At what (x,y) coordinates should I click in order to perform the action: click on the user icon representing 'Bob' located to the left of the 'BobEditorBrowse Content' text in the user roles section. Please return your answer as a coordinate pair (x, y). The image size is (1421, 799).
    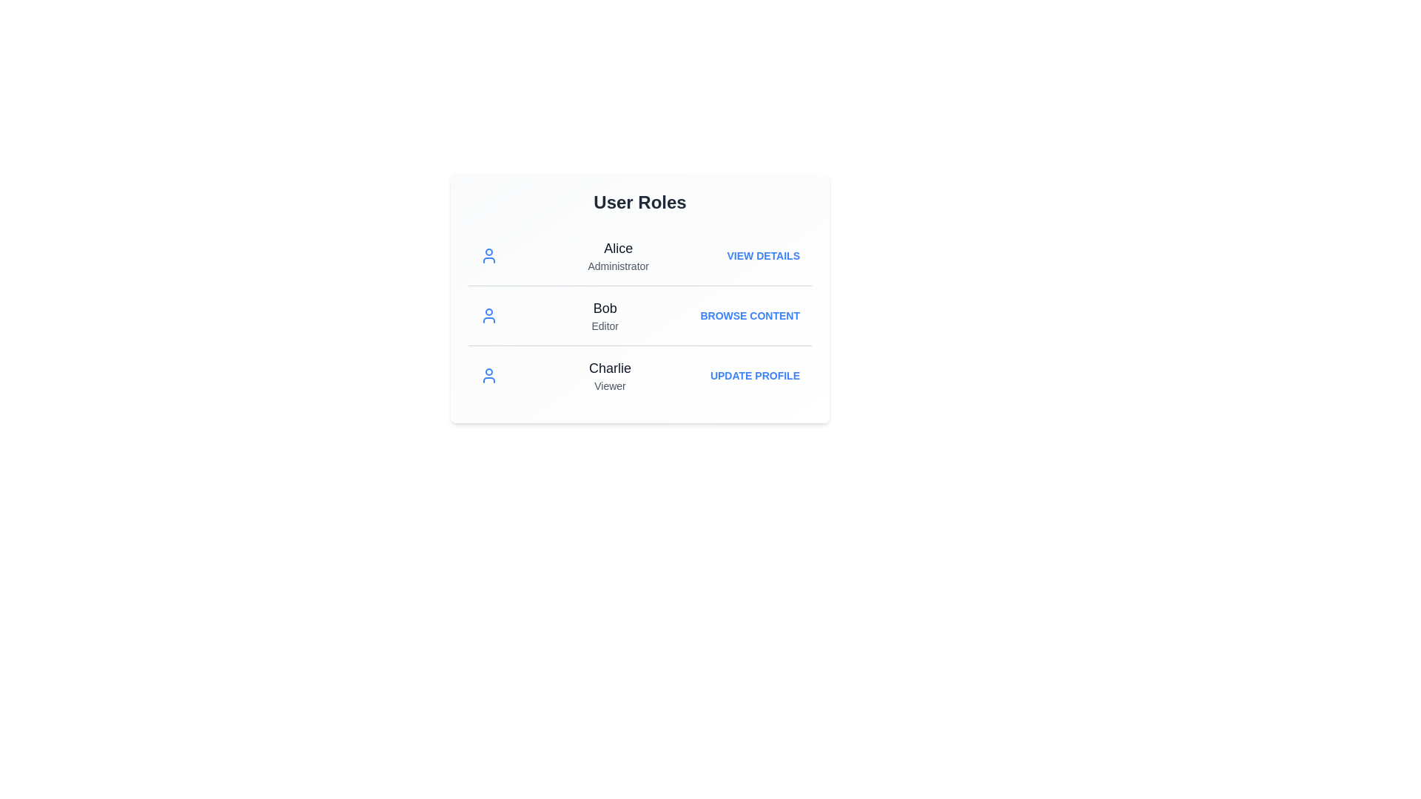
    Looking at the image, I should click on (489, 315).